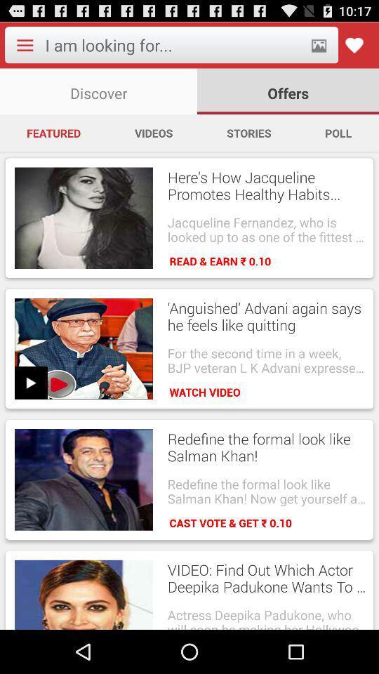 The width and height of the screenshot is (379, 674). I want to click on the wallpaper icon, so click(319, 48).